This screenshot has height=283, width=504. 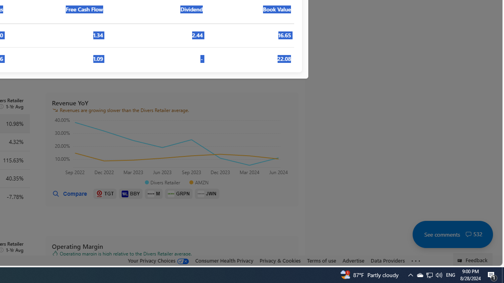 I want to click on 'See comments 532', so click(x=452, y=234).